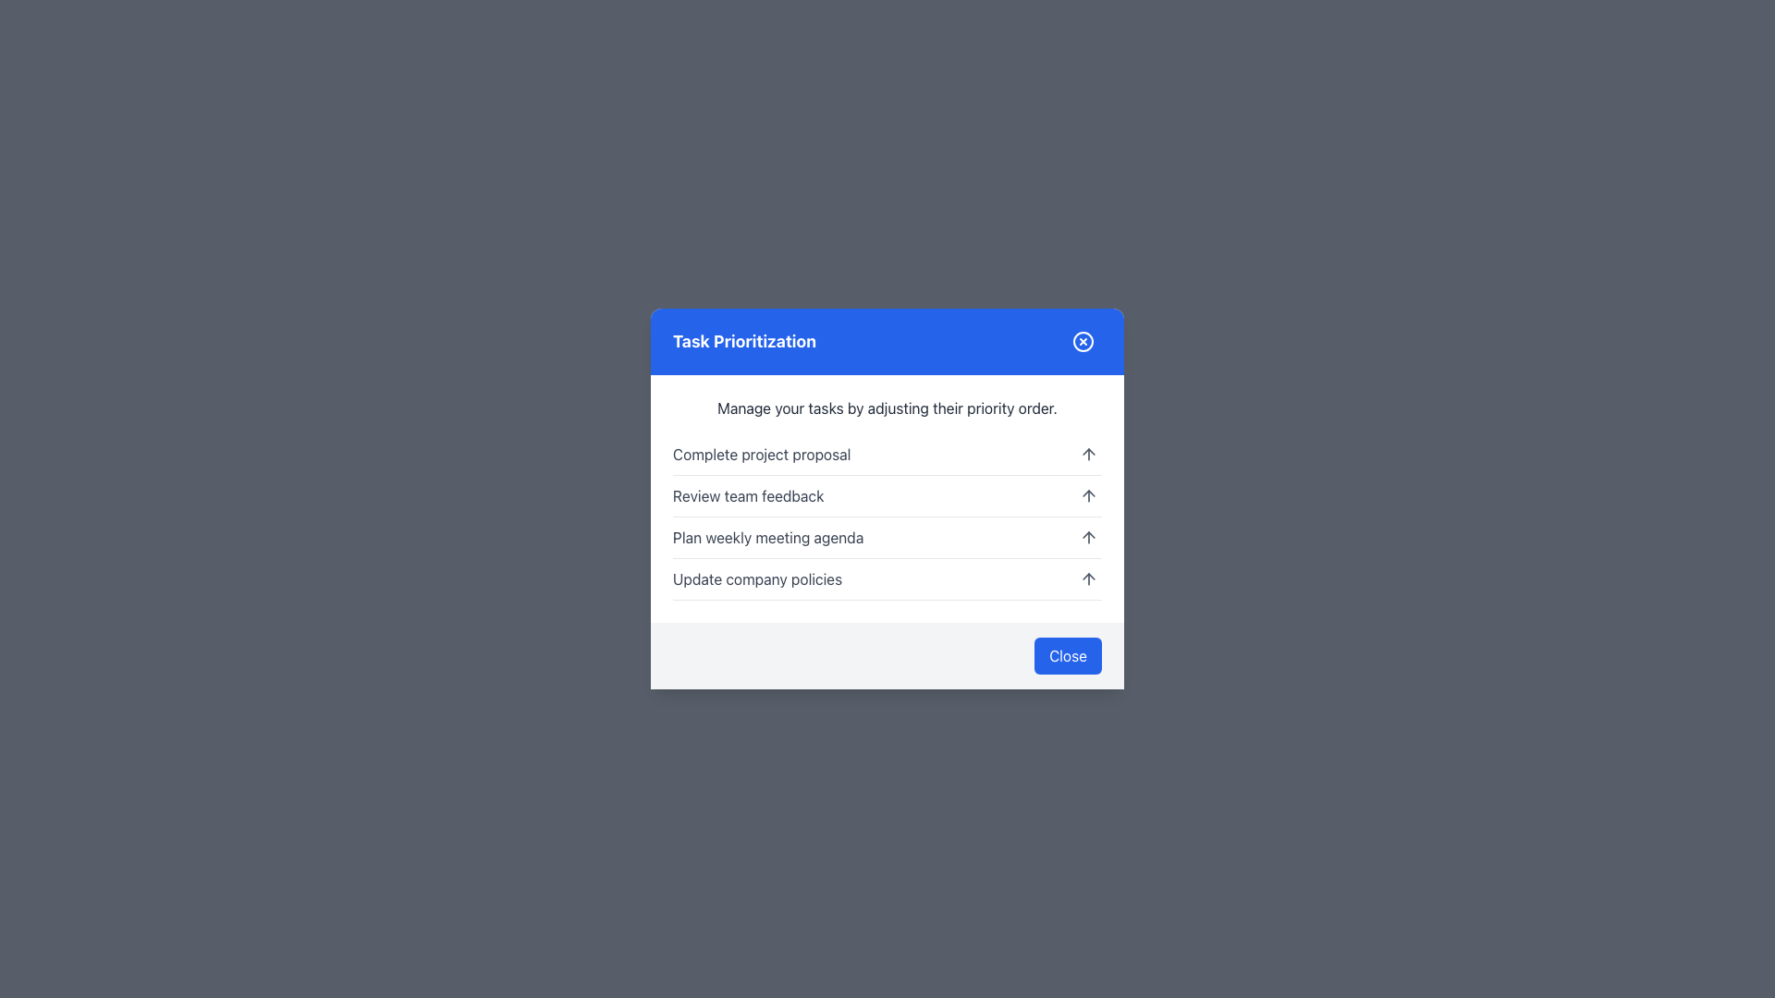 This screenshot has width=1775, height=998. Describe the element at coordinates (1088, 538) in the screenshot. I see `the upward arrow icon button located beside the 'Plan weekly meeting agenda' text to observe the visual effect` at that location.